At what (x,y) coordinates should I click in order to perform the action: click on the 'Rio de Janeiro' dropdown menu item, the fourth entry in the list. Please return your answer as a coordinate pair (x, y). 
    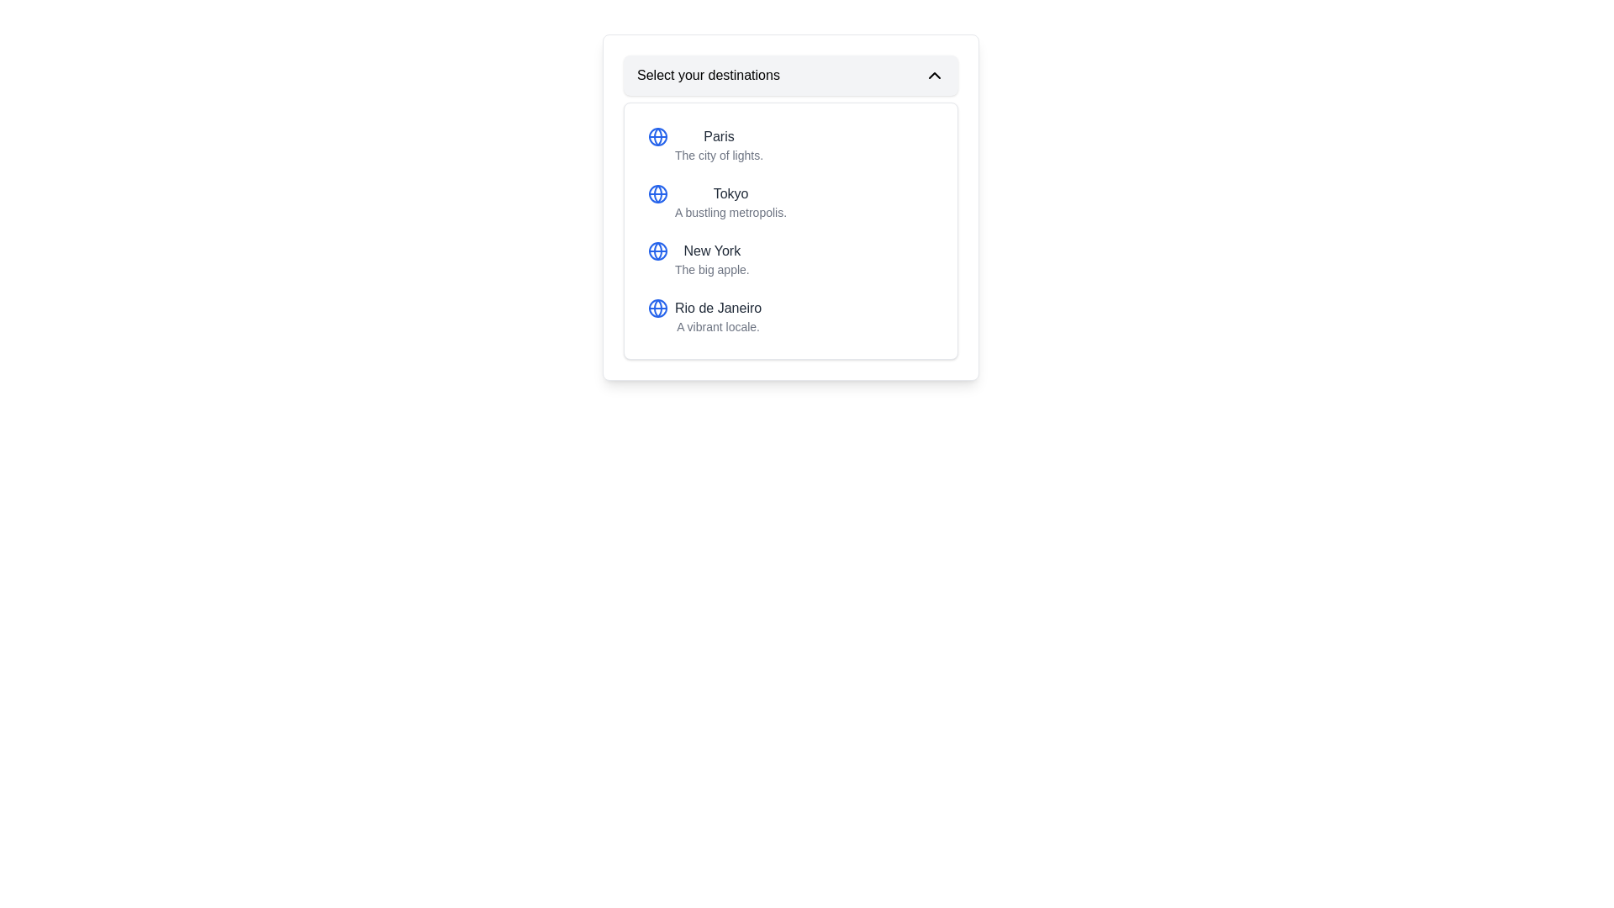
    Looking at the image, I should click on (704, 317).